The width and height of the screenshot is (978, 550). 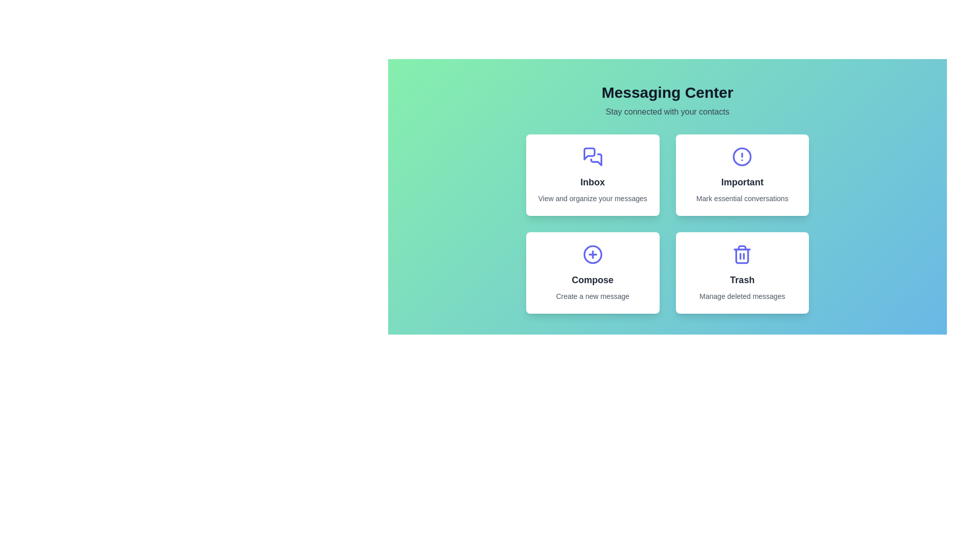 What do you see at coordinates (592, 157) in the screenshot?
I see `the 'Inbox' icon located in the upper-left card of the 2x2 grid under 'Messaging Center'` at bounding box center [592, 157].